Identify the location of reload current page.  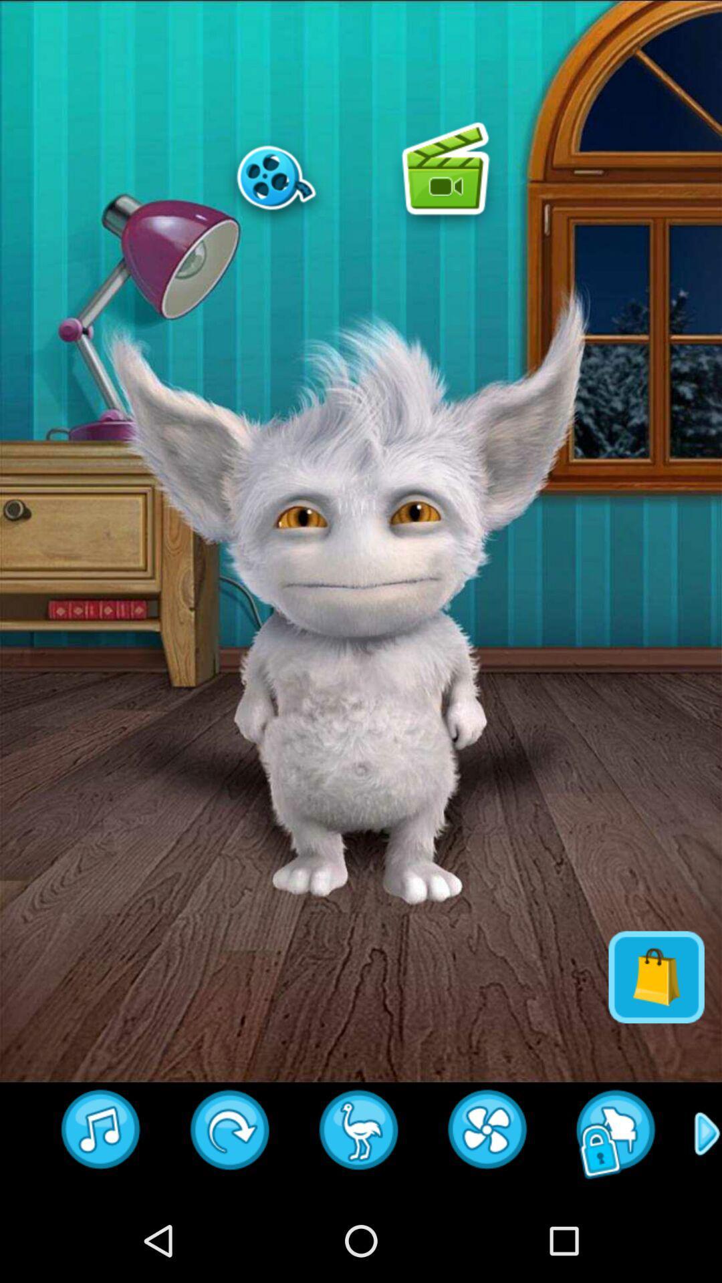
(488, 1133).